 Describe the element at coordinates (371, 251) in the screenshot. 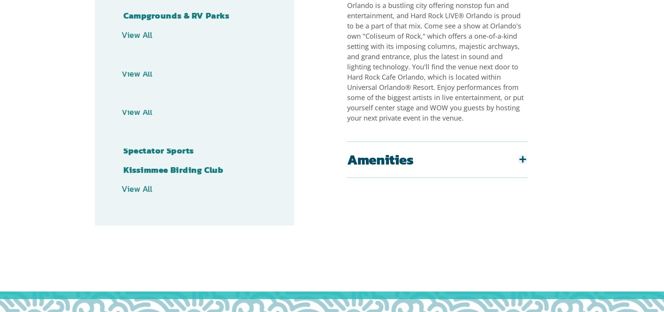

I see `'215 Celebration Pl, Suite 200'` at that location.